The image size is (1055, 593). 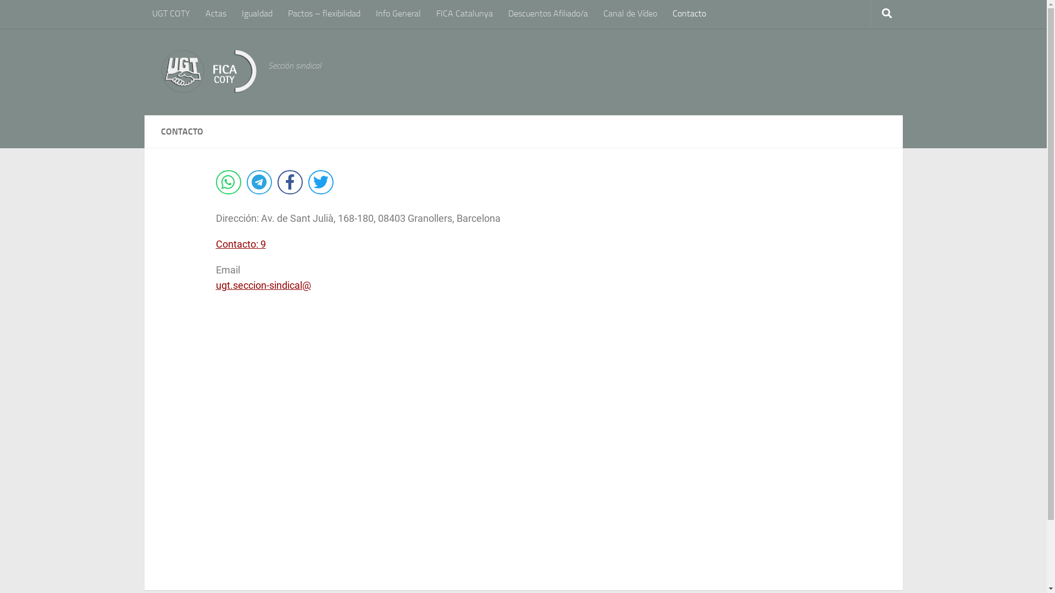 What do you see at coordinates (262, 284) in the screenshot?
I see `'ugt.seccion-sindical@'` at bounding box center [262, 284].